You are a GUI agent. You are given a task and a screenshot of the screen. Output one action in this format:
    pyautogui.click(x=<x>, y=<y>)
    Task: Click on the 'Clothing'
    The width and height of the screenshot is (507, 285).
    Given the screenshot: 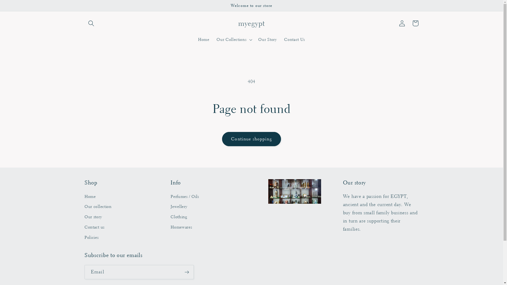 What is the action you would take?
    pyautogui.click(x=179, y=217)
    